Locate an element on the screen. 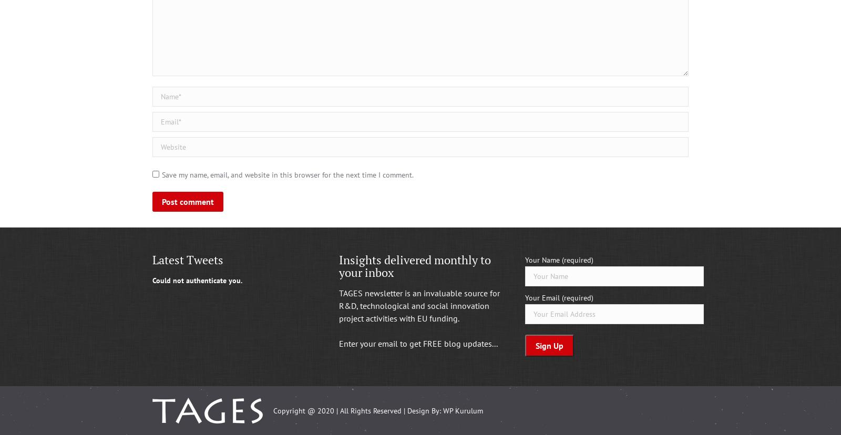  'Your Email (required)' is located at coordinates (559, 298).